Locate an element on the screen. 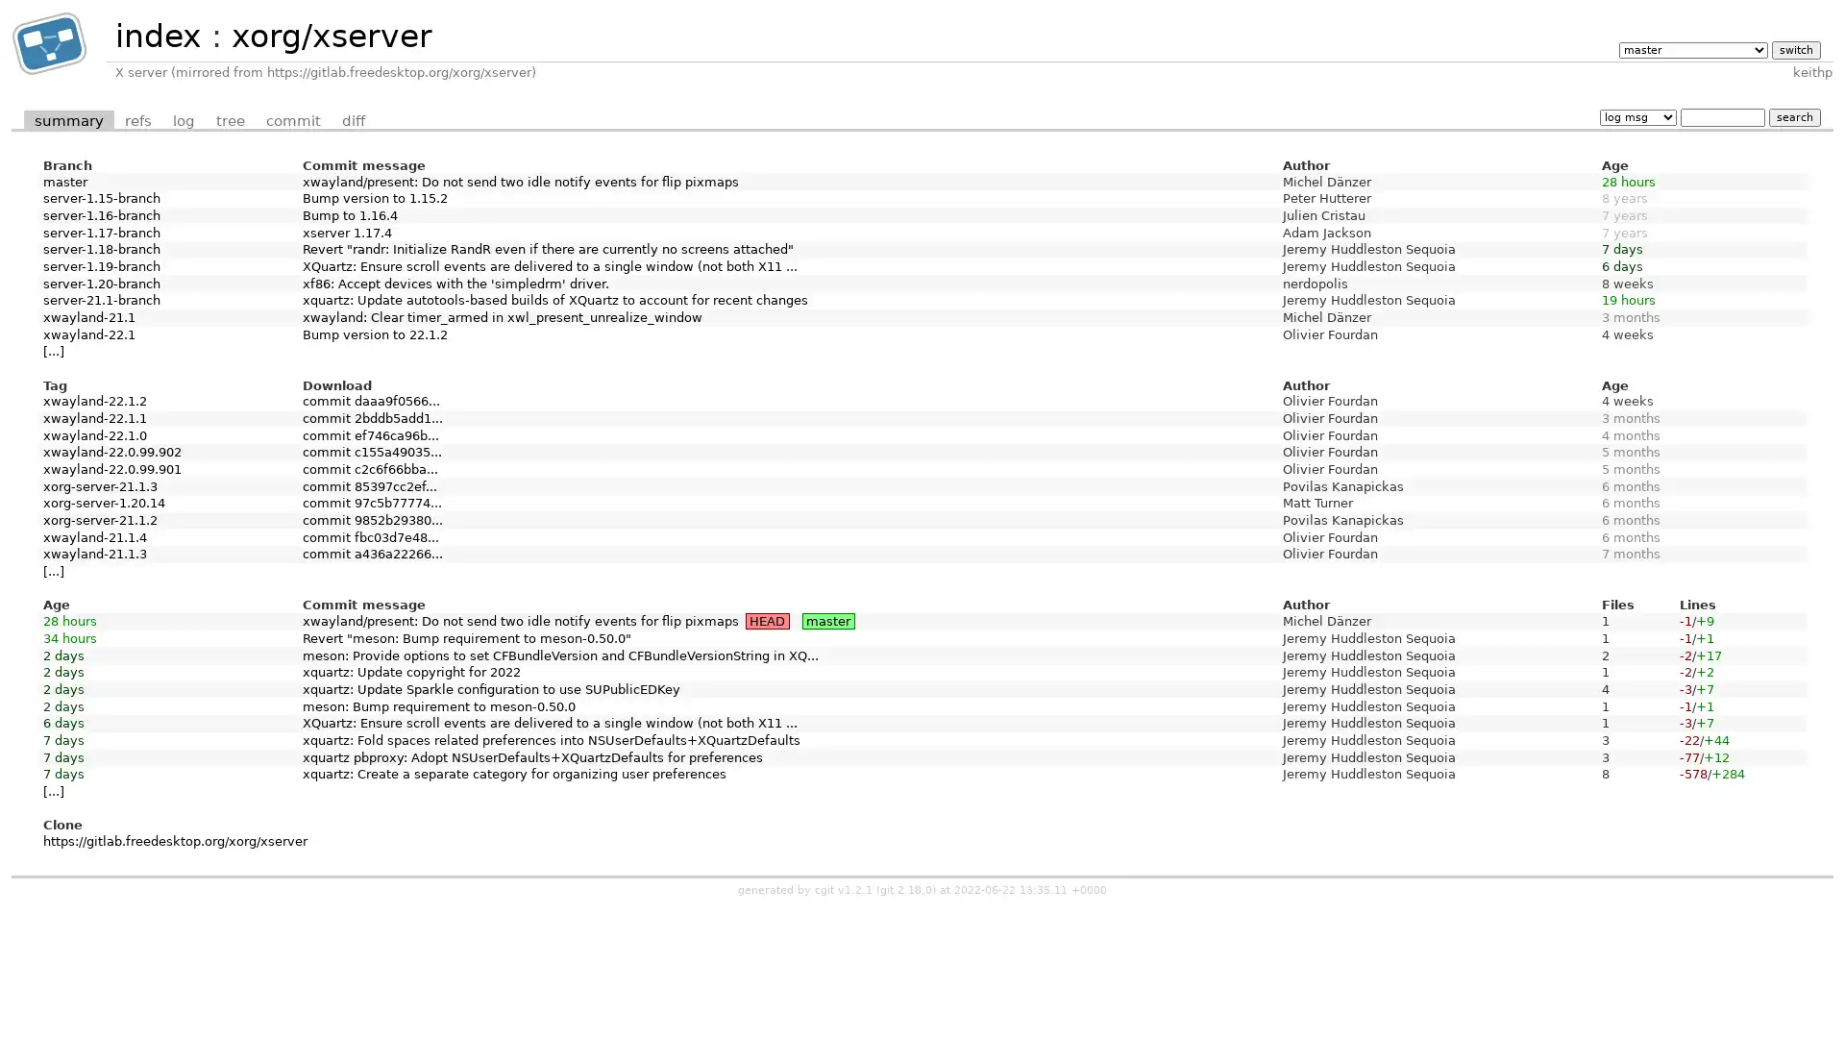 The height and width of the screenshot is (1038, 1845). search is located at coordinates (1793, 116).